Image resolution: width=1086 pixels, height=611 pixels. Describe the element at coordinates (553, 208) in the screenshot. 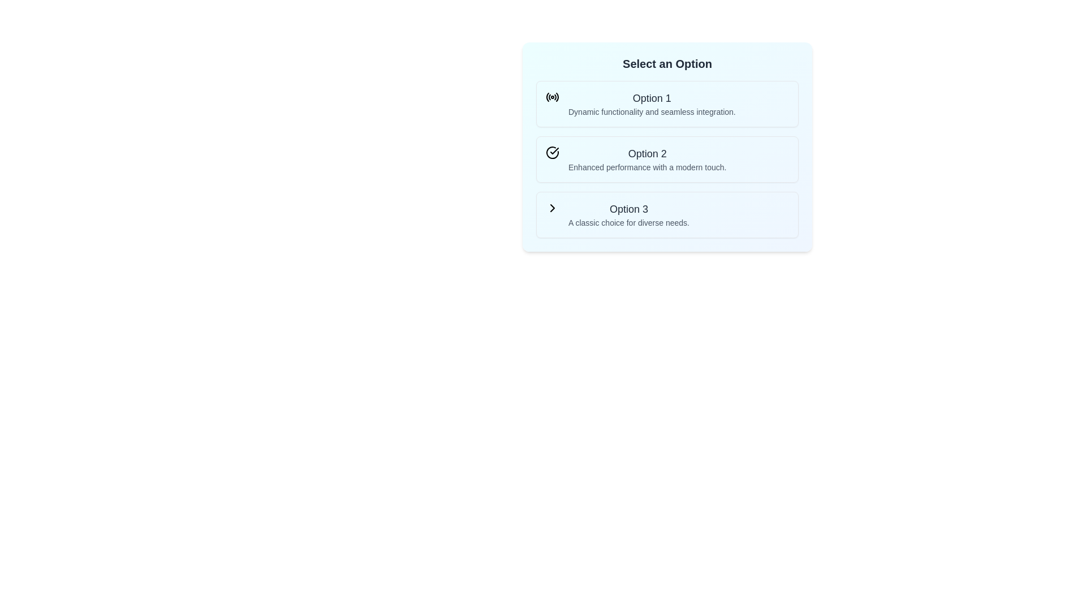

I see `the outlined right-point arrow icon next to the text block labeled 'Option 3: A classic choice for diverse needs.'` at that location.